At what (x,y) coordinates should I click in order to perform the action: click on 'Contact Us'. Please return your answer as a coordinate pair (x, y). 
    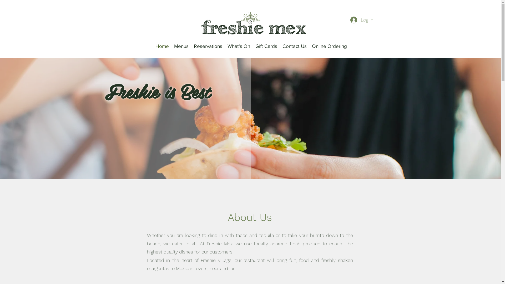
    Looking at the image, I should click on (294, 46).